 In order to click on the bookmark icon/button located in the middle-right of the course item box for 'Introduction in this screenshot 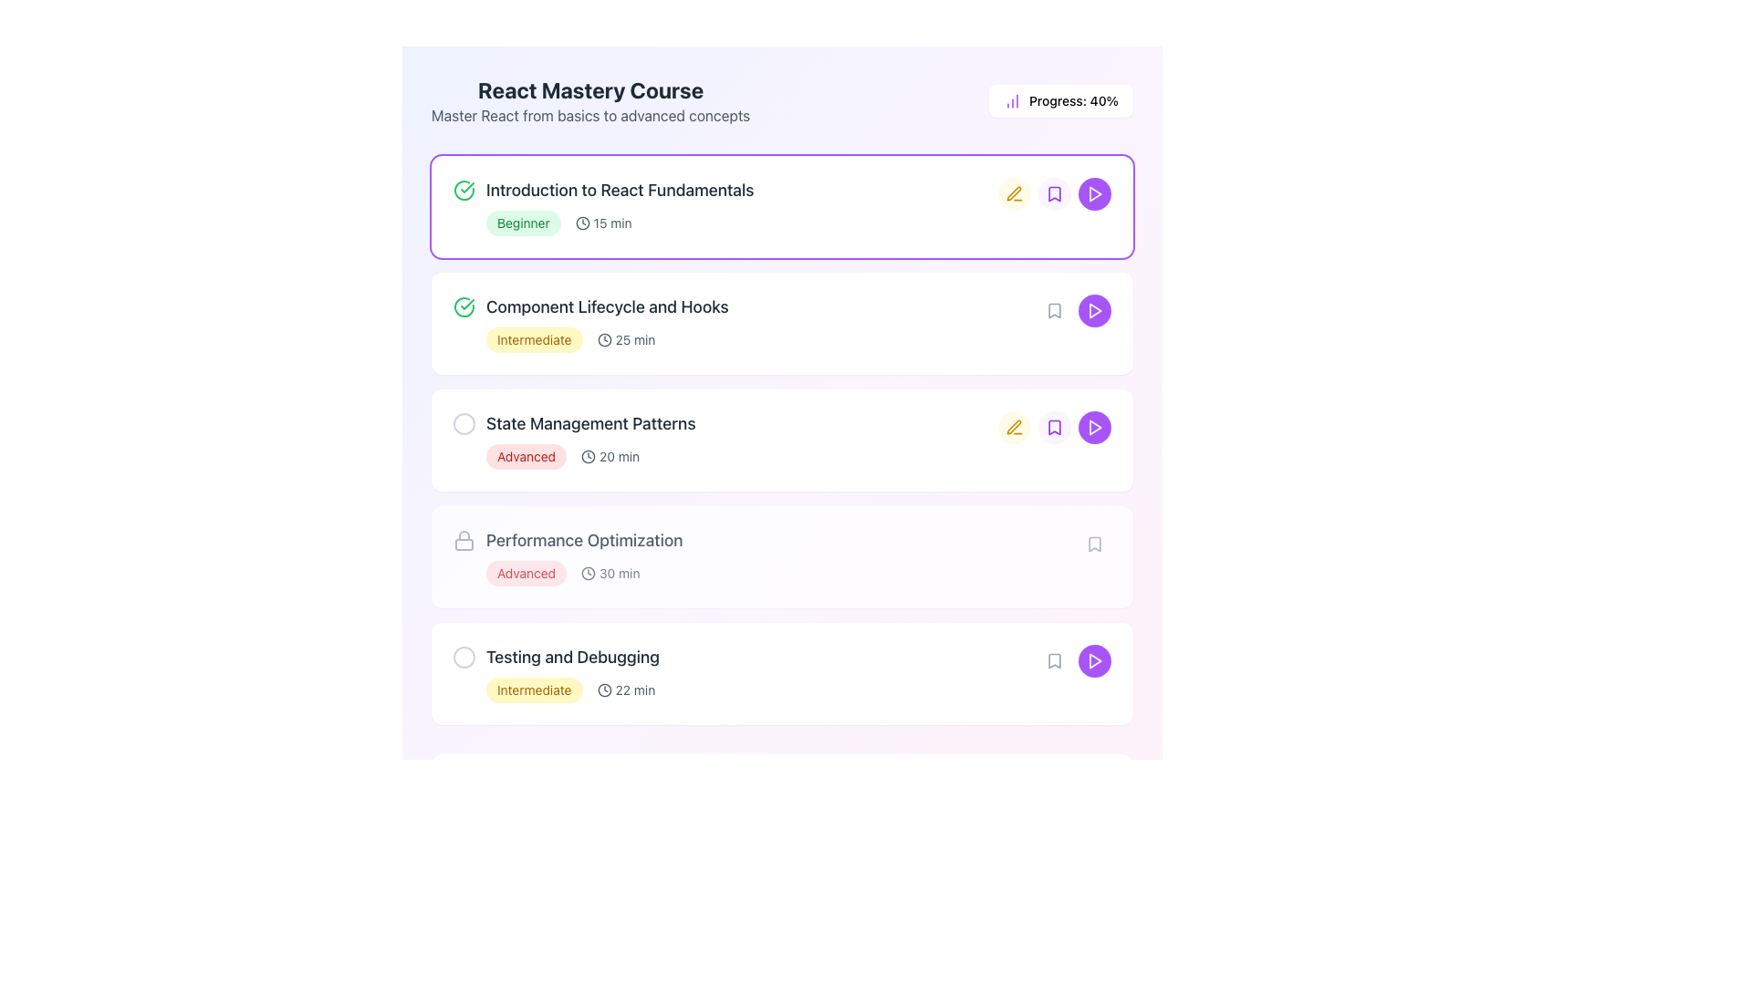, I will do `click(1055, 193)`.